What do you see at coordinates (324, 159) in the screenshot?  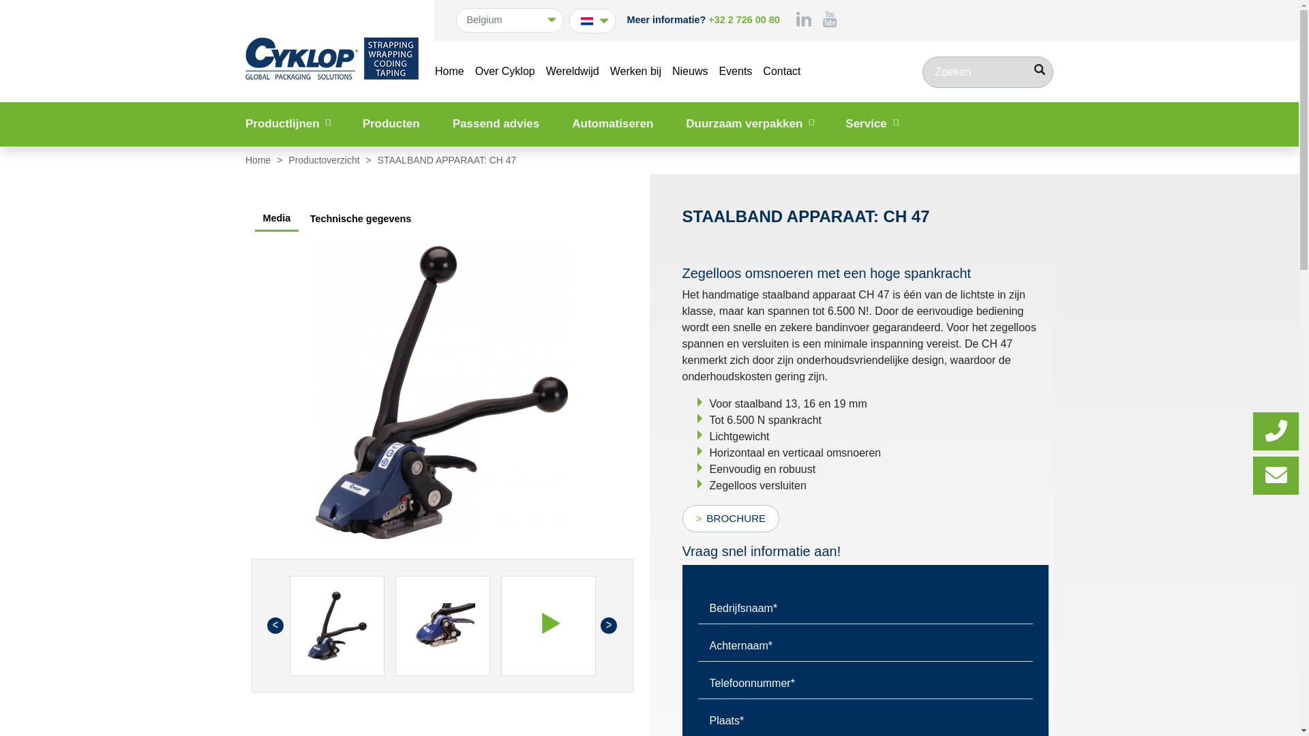 I see `'Productoverzicht'` at bounding box center [324, 159].